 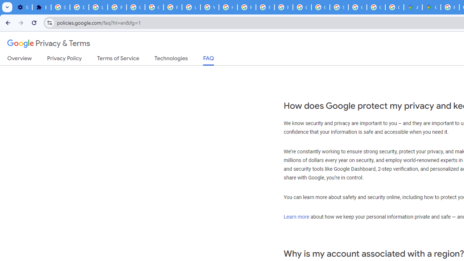 What do you see at coordinates (449, 7) in the screenshot?
I see `'Policy Accountability and Transparency - Transparency Center'` at bounding box center [449, 7].